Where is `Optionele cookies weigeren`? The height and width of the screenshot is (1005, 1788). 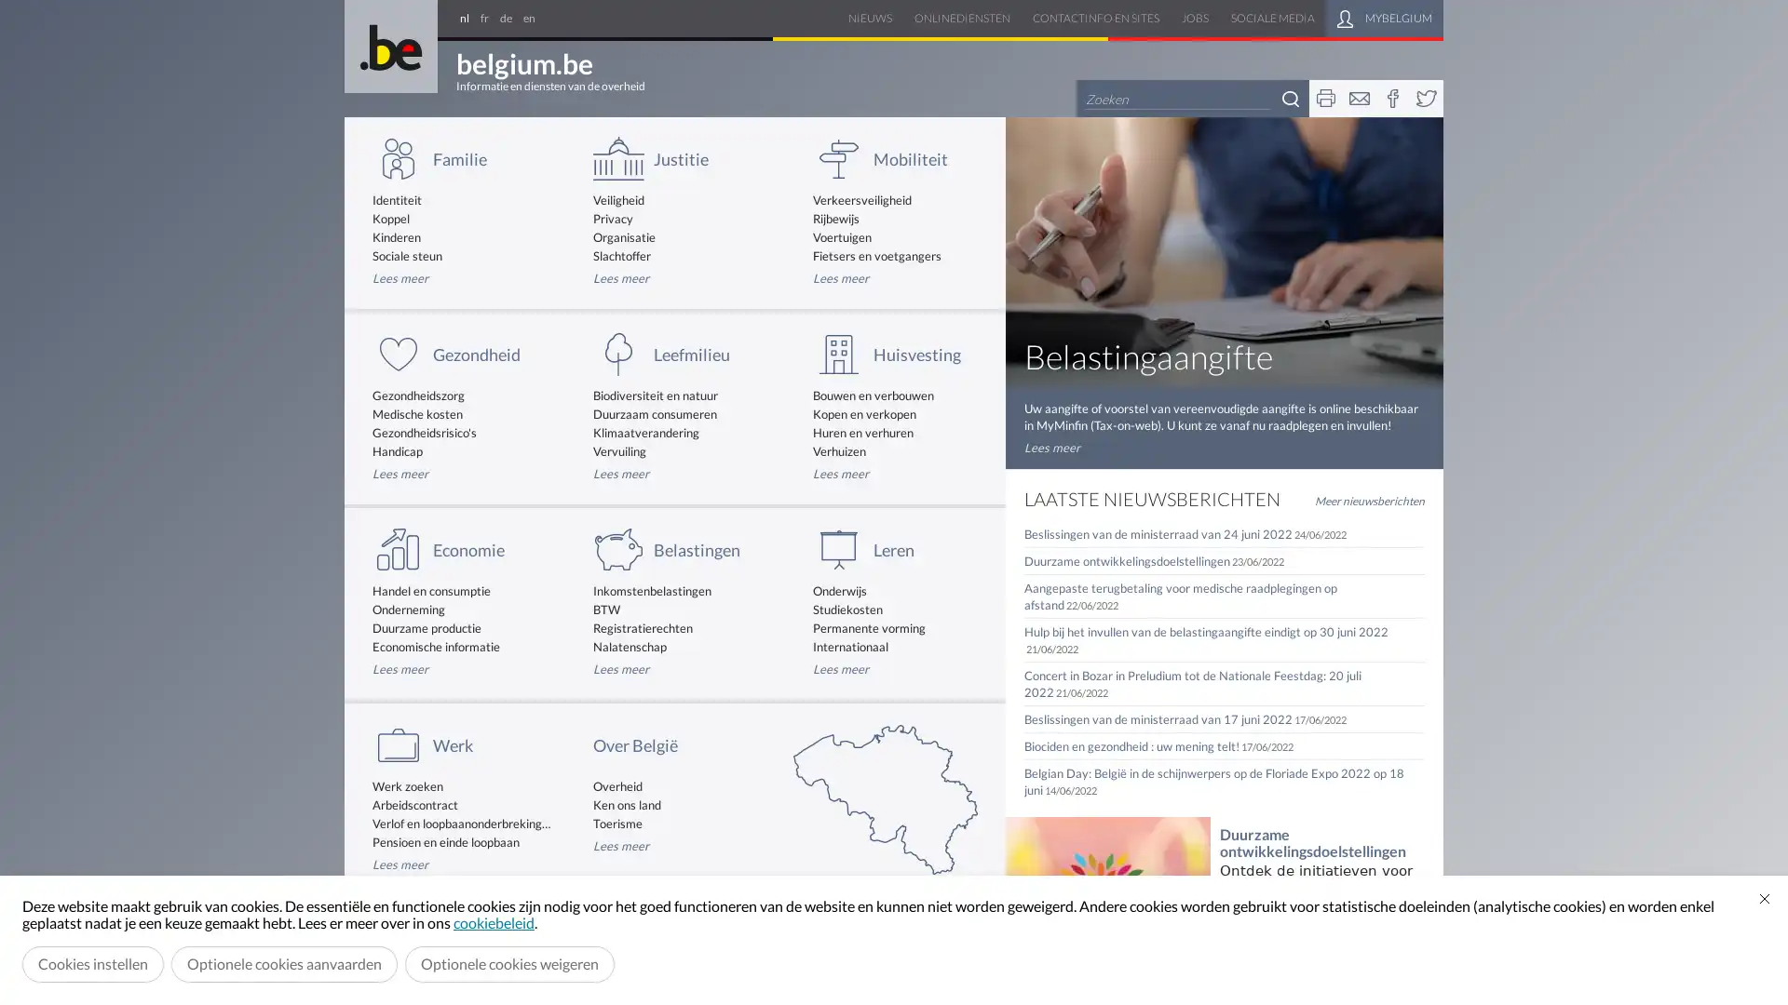 Optionele cookies weigeren is located at coordinates (509, 963).